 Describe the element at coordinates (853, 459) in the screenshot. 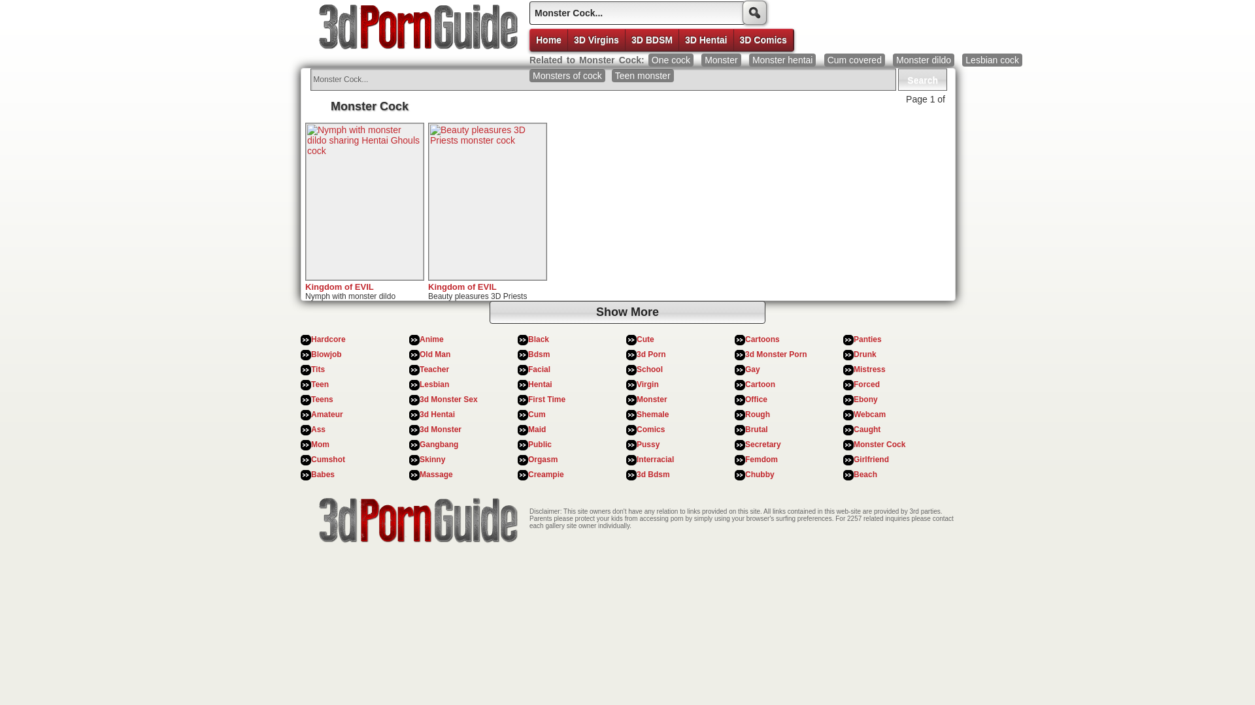

I see `'Girlfriend'` at that location.